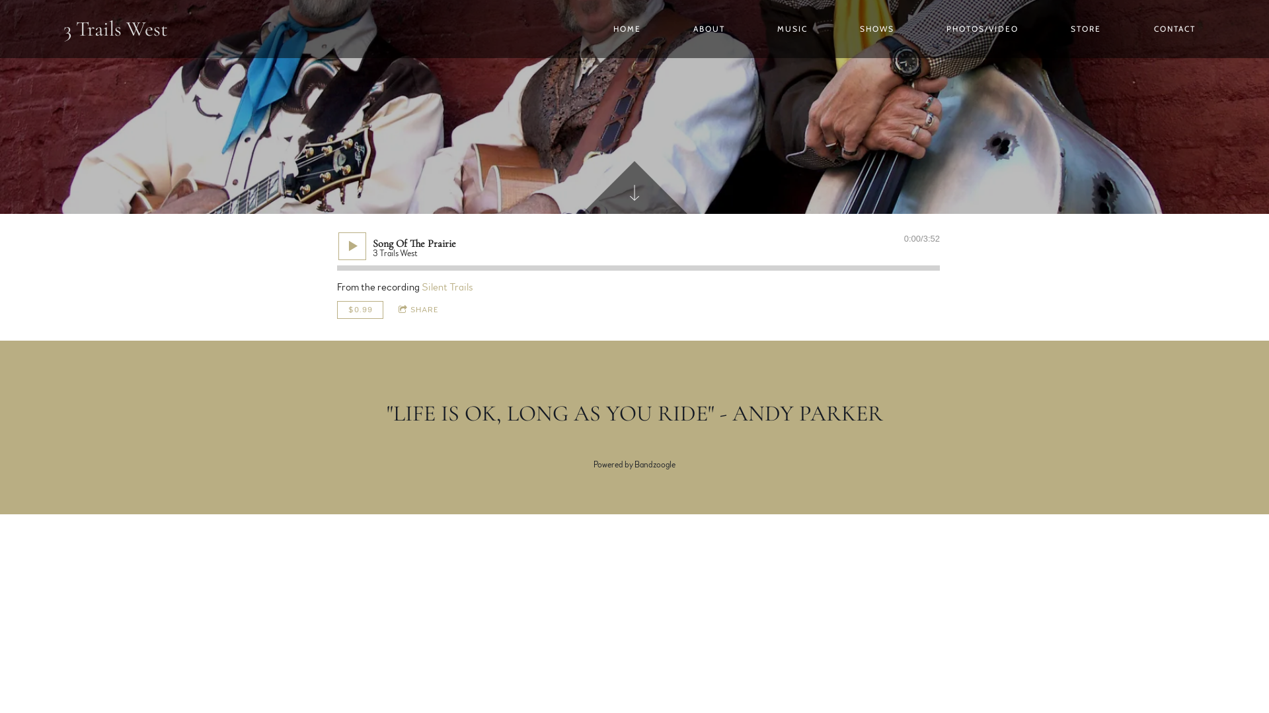 The width and height of the screenshot is (1269, 713). Describe the element at coordinates (634, 464) in the screenshot. I see `'Powered by Bandzoogle'` at that location.